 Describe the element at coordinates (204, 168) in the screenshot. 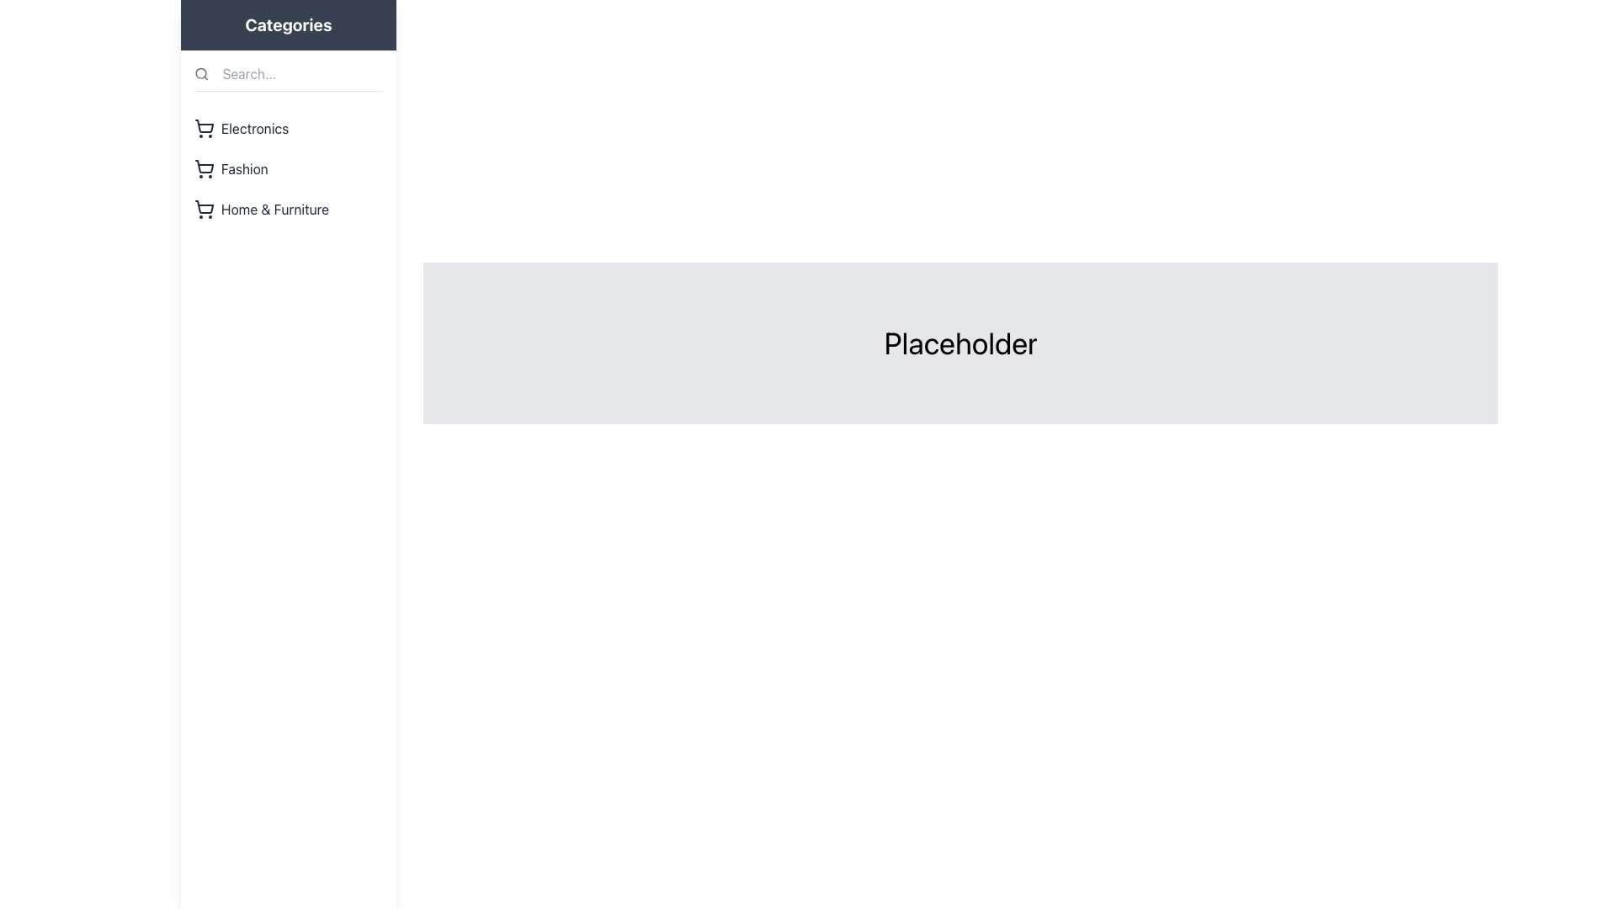

I see `the shopping cart icon located in the left sidebar, which is the second item in the 'Categories' section, adjacent to the 'Fashion' label` at that location.